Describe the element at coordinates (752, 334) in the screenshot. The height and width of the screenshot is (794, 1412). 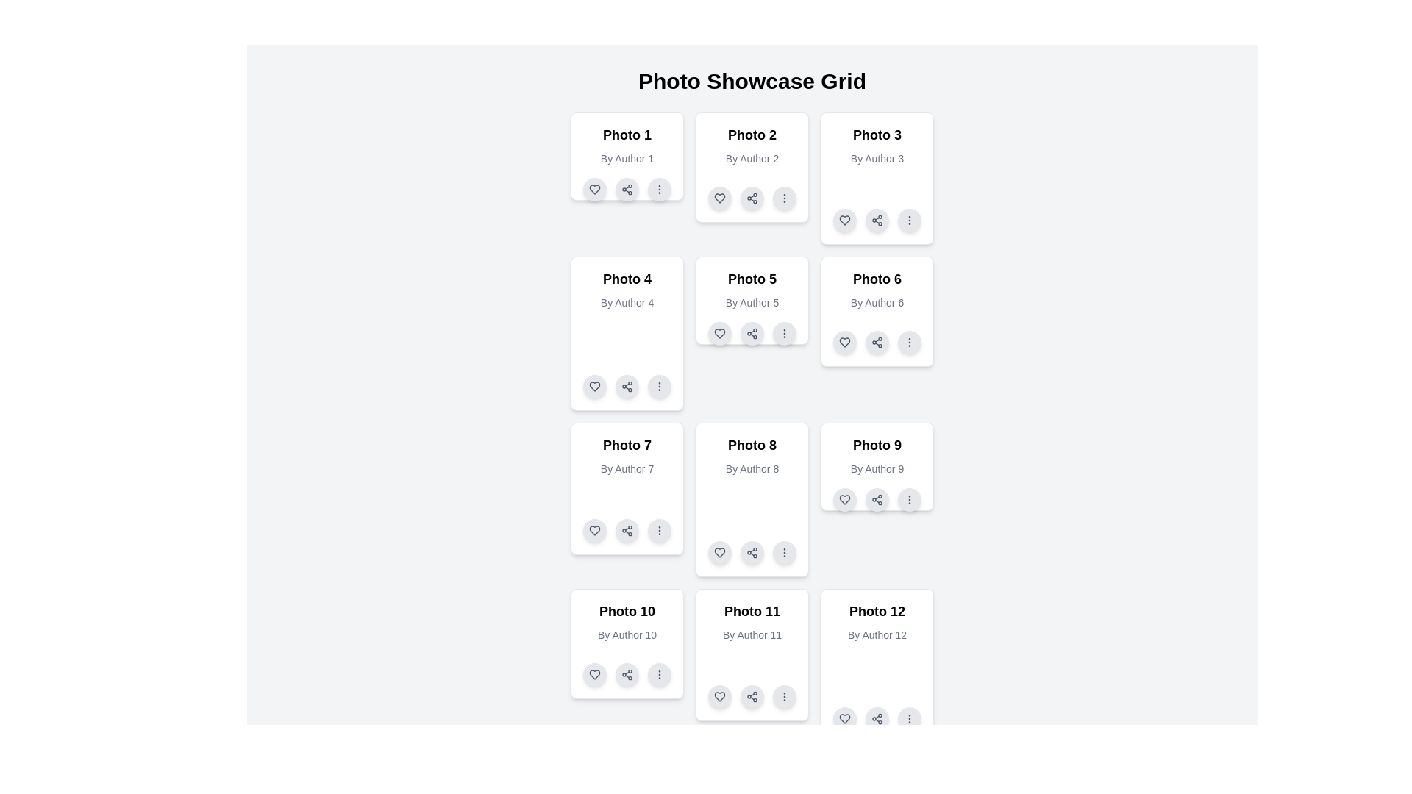
I see `the share symbol icon located in the bottom section of the 'Photo 5' card` at that location.